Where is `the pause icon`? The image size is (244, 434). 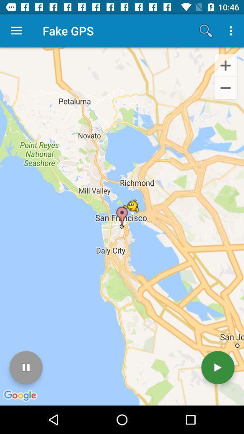
the pause icon is located at coordinates (26, 368).